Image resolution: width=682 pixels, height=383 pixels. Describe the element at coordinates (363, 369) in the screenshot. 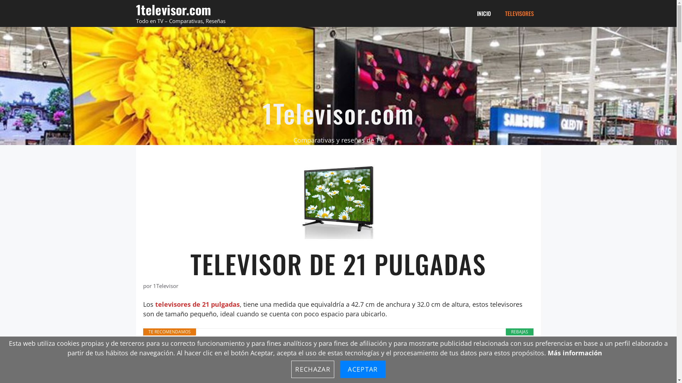

I see `'ACEPTAR'` at that location.